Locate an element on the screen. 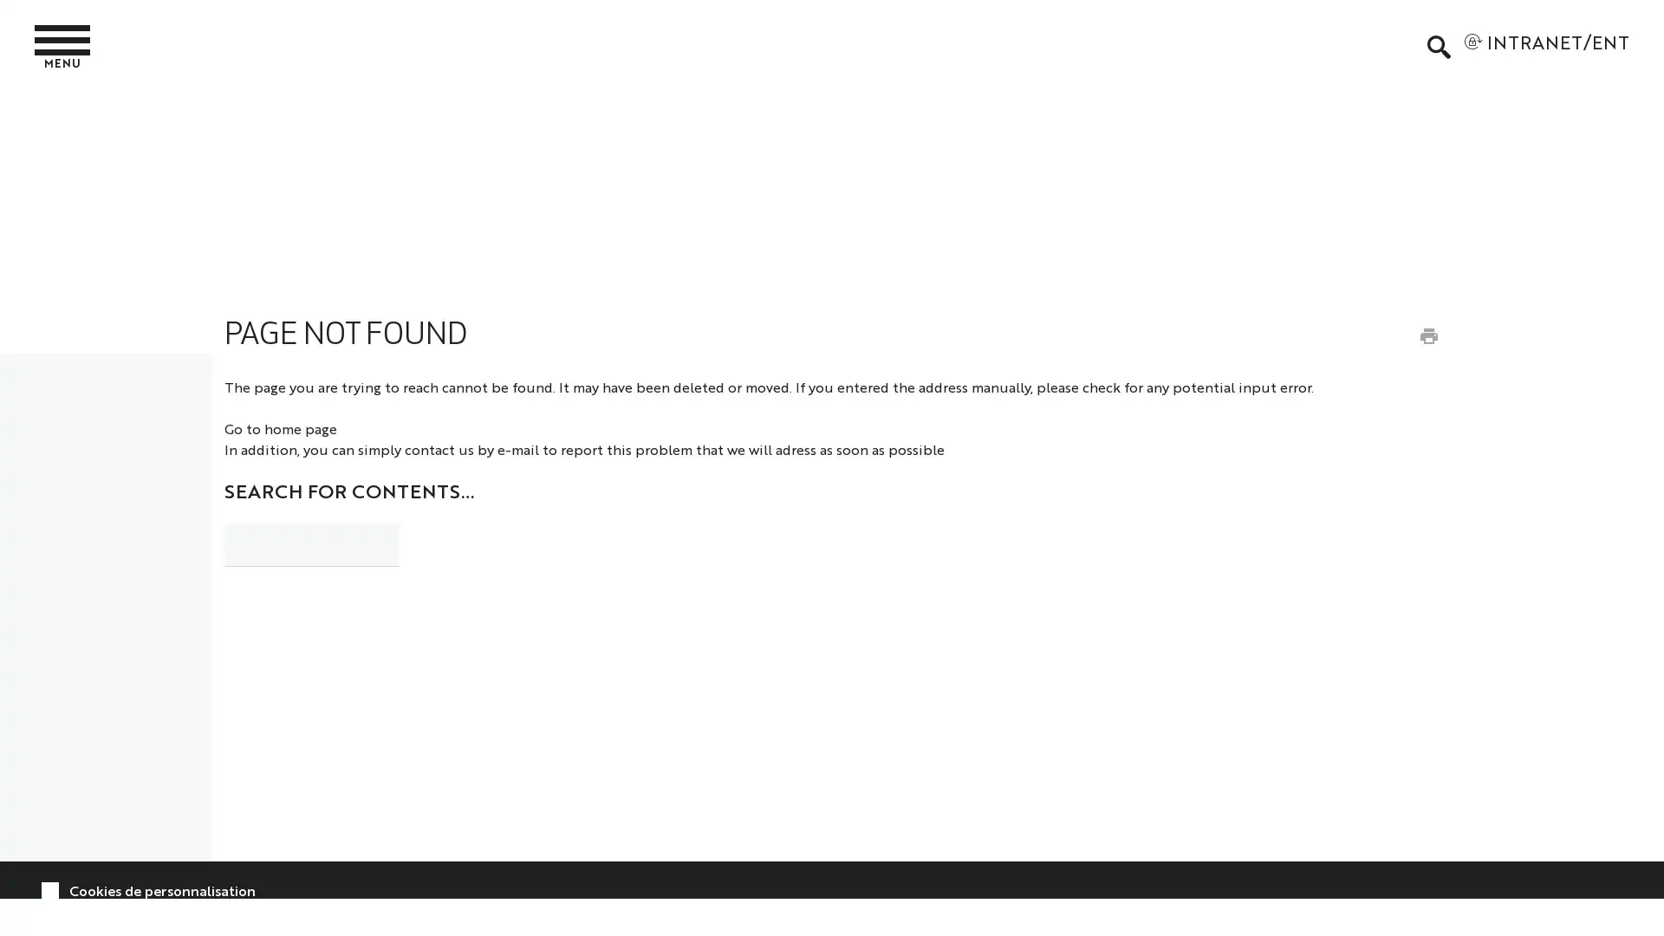 The width and height of the screenshot is (1664, 936). OPEN MENU MENU is located at coordinates (69, 45).